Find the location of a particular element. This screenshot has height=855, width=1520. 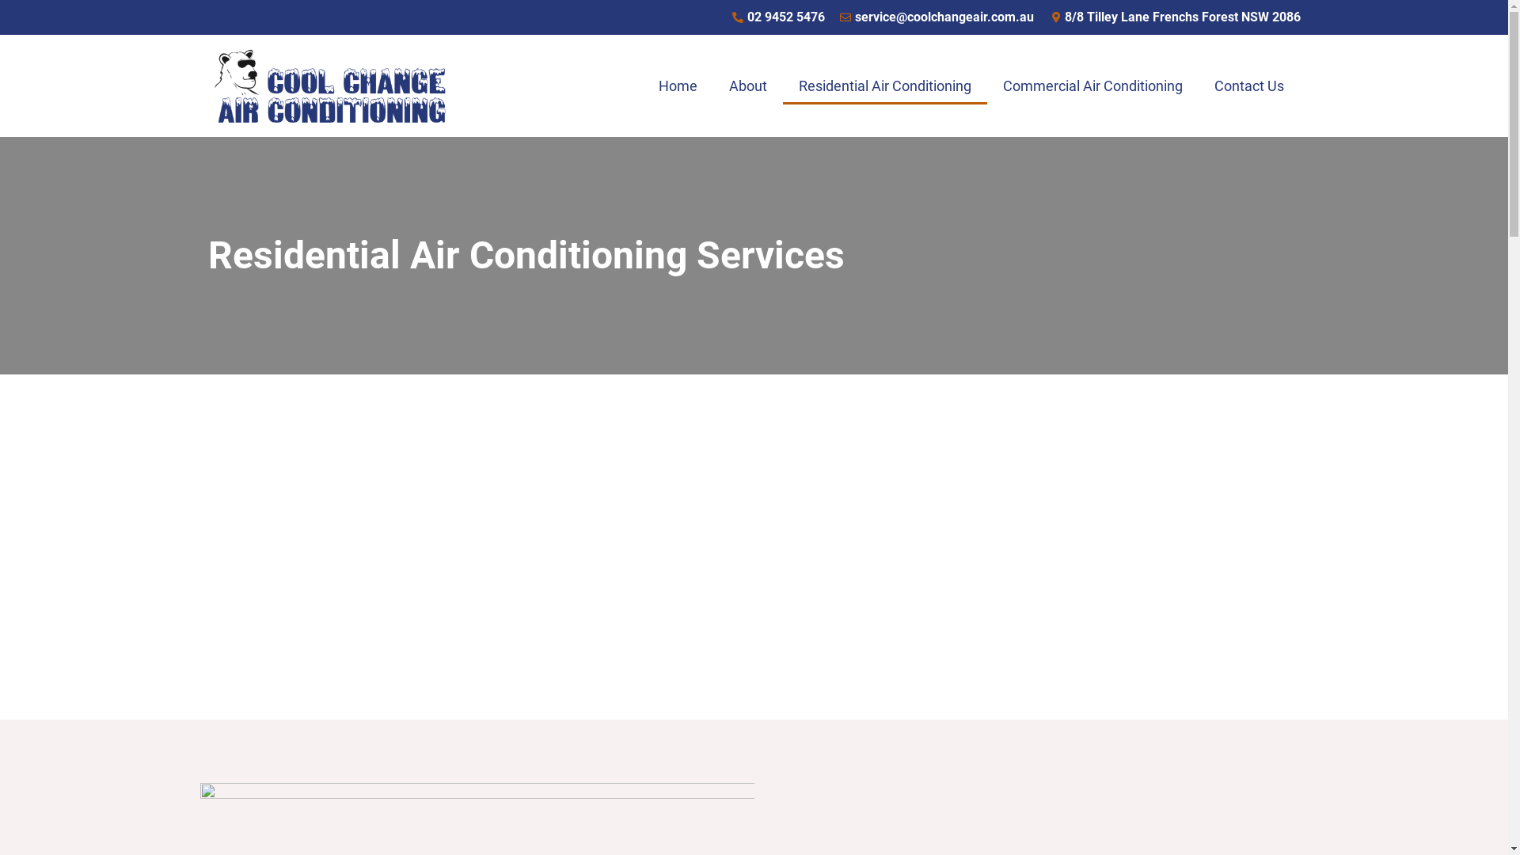

'service@coolchangeair.com.au' is located at coordinates (936, 17).